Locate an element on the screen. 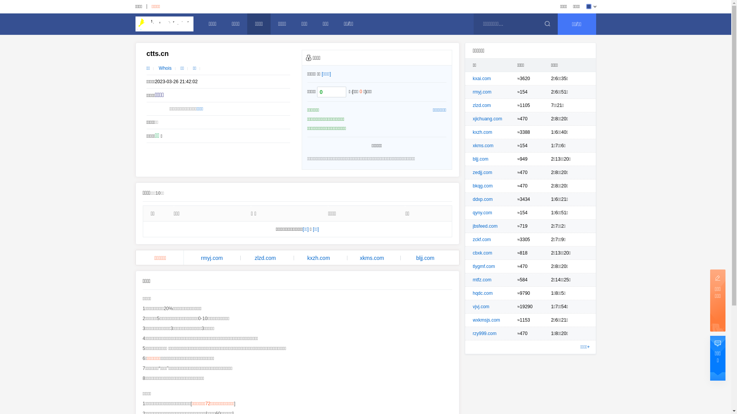  'Whois' is located at coordinates (165, 67).